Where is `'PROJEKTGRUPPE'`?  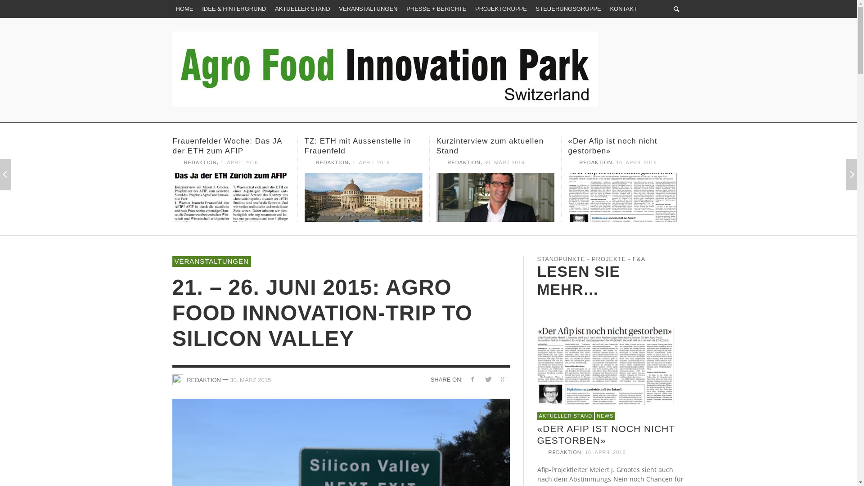
'PROJEKTGRUPPE' is located at coordinates (500, 9).